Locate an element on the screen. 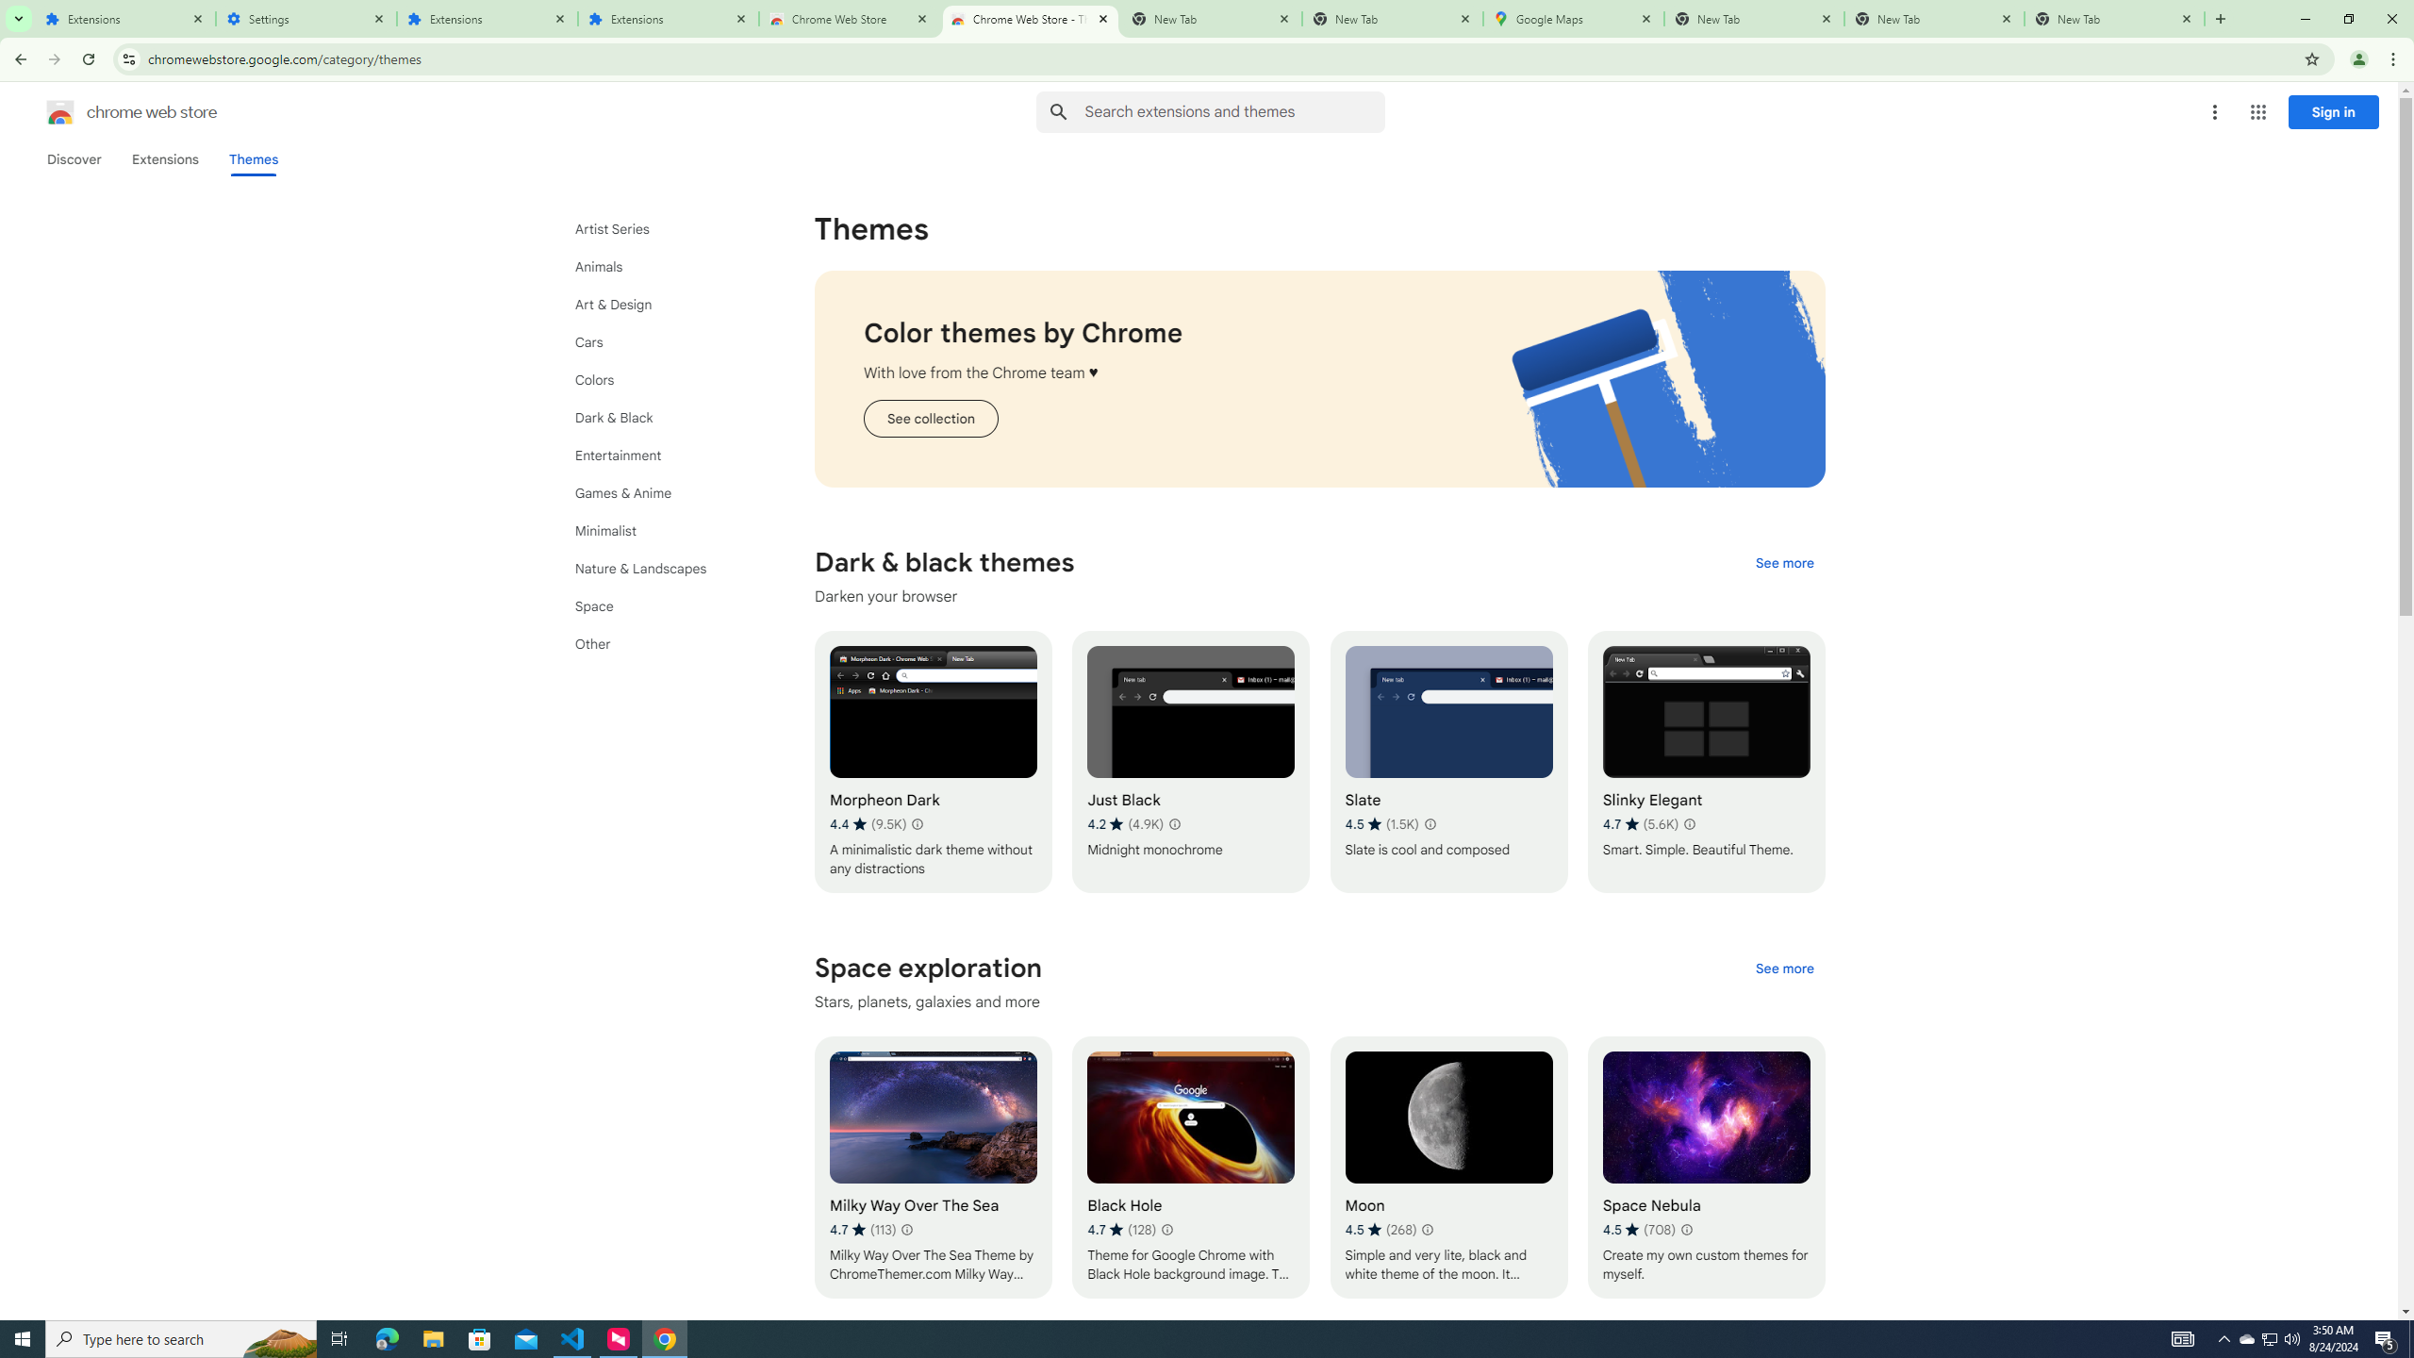 Image resolution: width=2414 pixels, height=1358 pixels. 'Average rating 4.5 out of 5 stars. 1.5K ratings.' is located at coordinates (1381, 823).